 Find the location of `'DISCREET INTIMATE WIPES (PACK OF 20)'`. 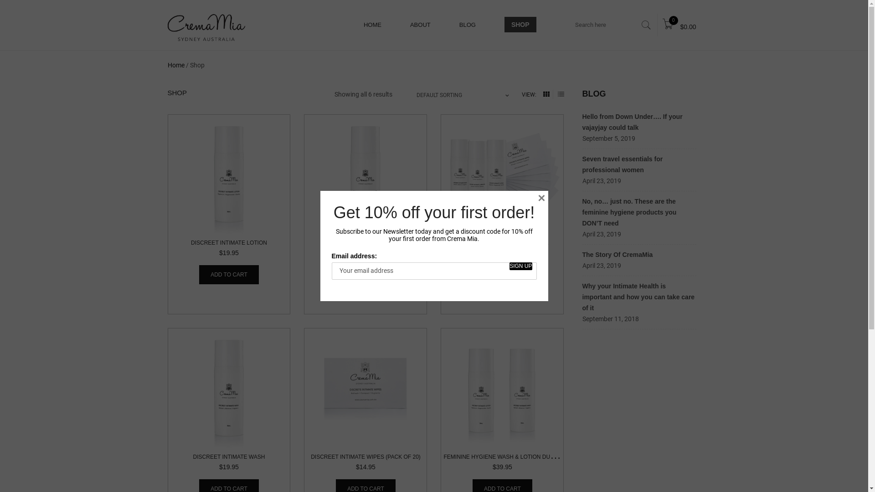

'DISCREET INTIMATE WIPES (PACK OF 20)' is located at coordinates (365, 456).